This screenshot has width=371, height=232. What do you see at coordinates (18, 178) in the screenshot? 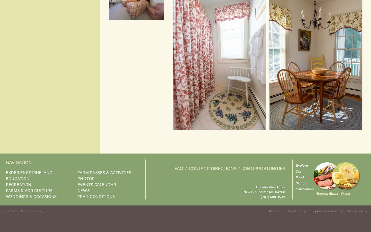
I see `'Education'` at bounding box center [18, 178].